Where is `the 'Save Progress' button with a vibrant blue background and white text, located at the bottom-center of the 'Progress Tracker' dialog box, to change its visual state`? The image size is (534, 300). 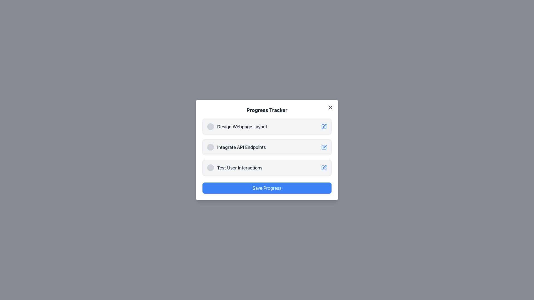
the 'Save Progress' button with a vibrant blue background and white text, located at the bottom-center of the 'Progress Tracker' dialog box, to change its visual state is located at coordinates (267, 188).